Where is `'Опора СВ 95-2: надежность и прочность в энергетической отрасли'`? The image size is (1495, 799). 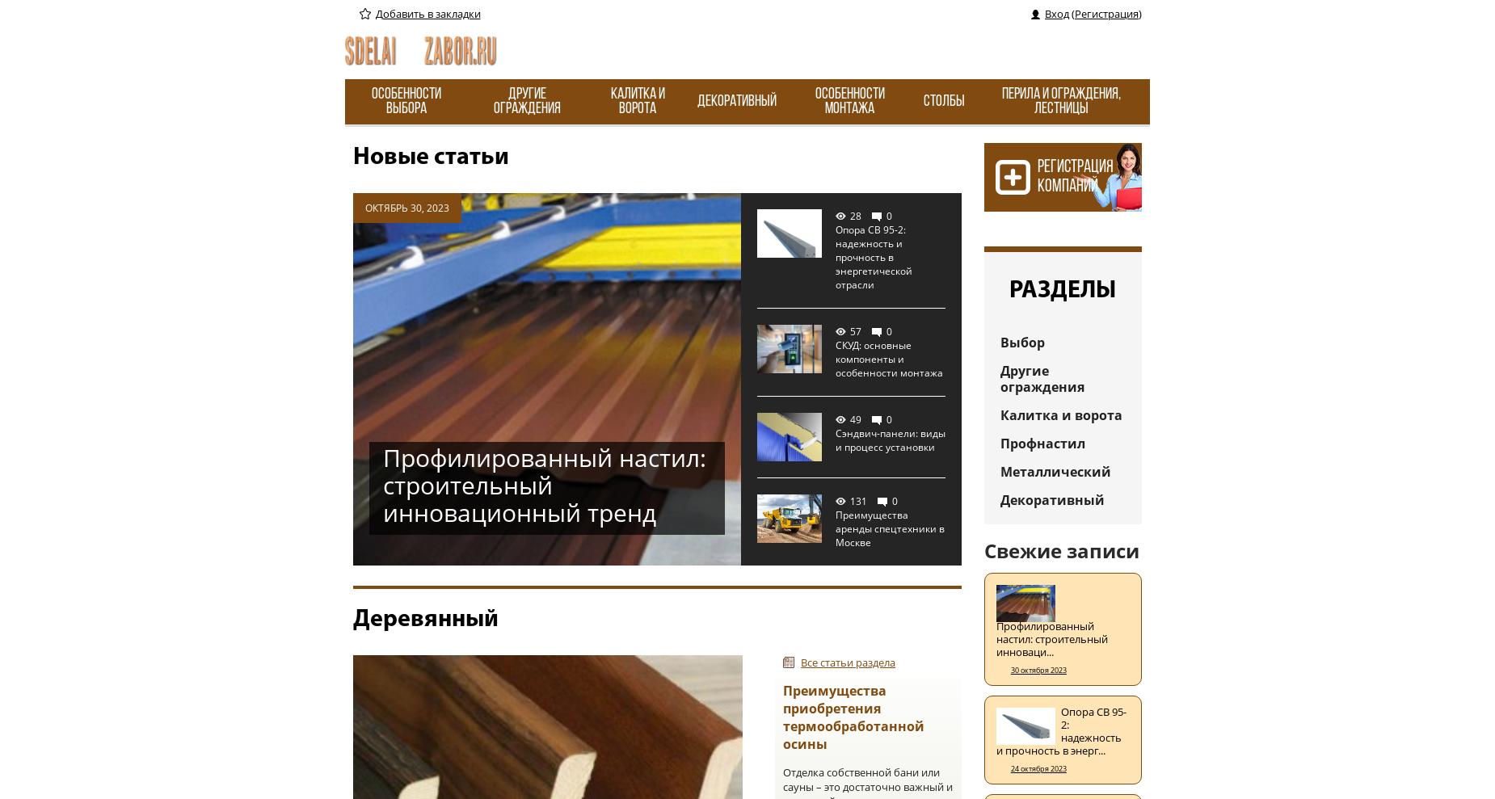
'Опора СВ 95-2: надежность и прочность в энергетической отрасли' is located at coordinates (873, 257).